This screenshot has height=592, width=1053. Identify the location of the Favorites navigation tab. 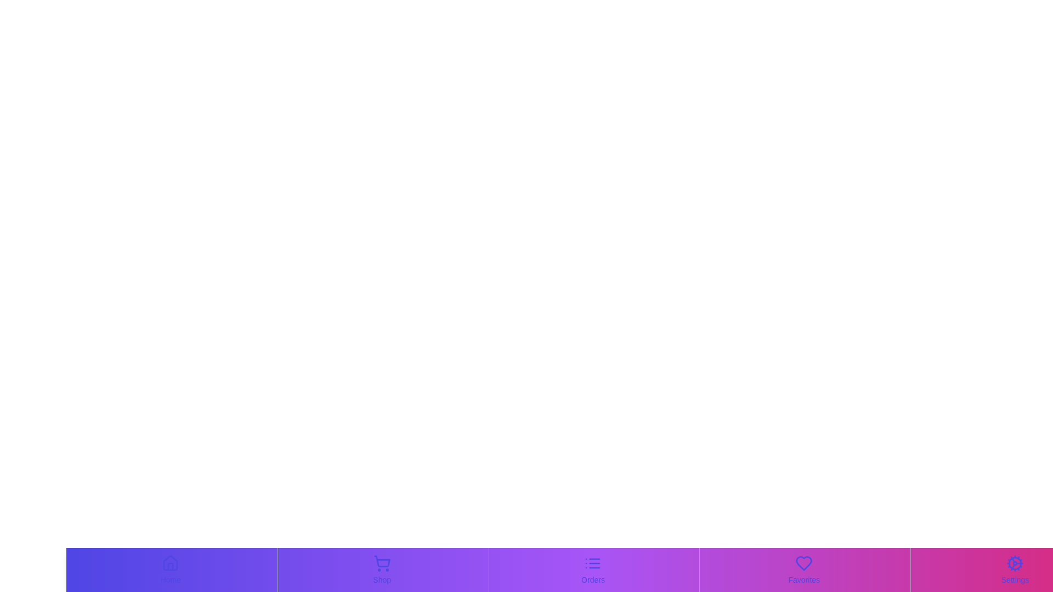
(803, 570).